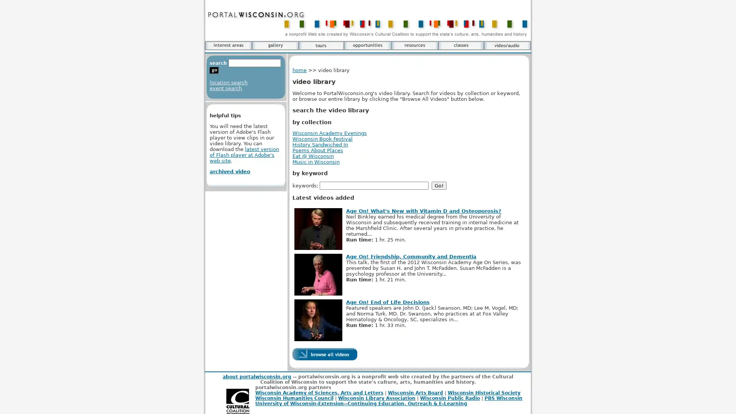 This screenshot has width=736, height=414. What do you see at coordinates (214, 71) in the screenshot?
I see `go` at bounding box center [214, 71].